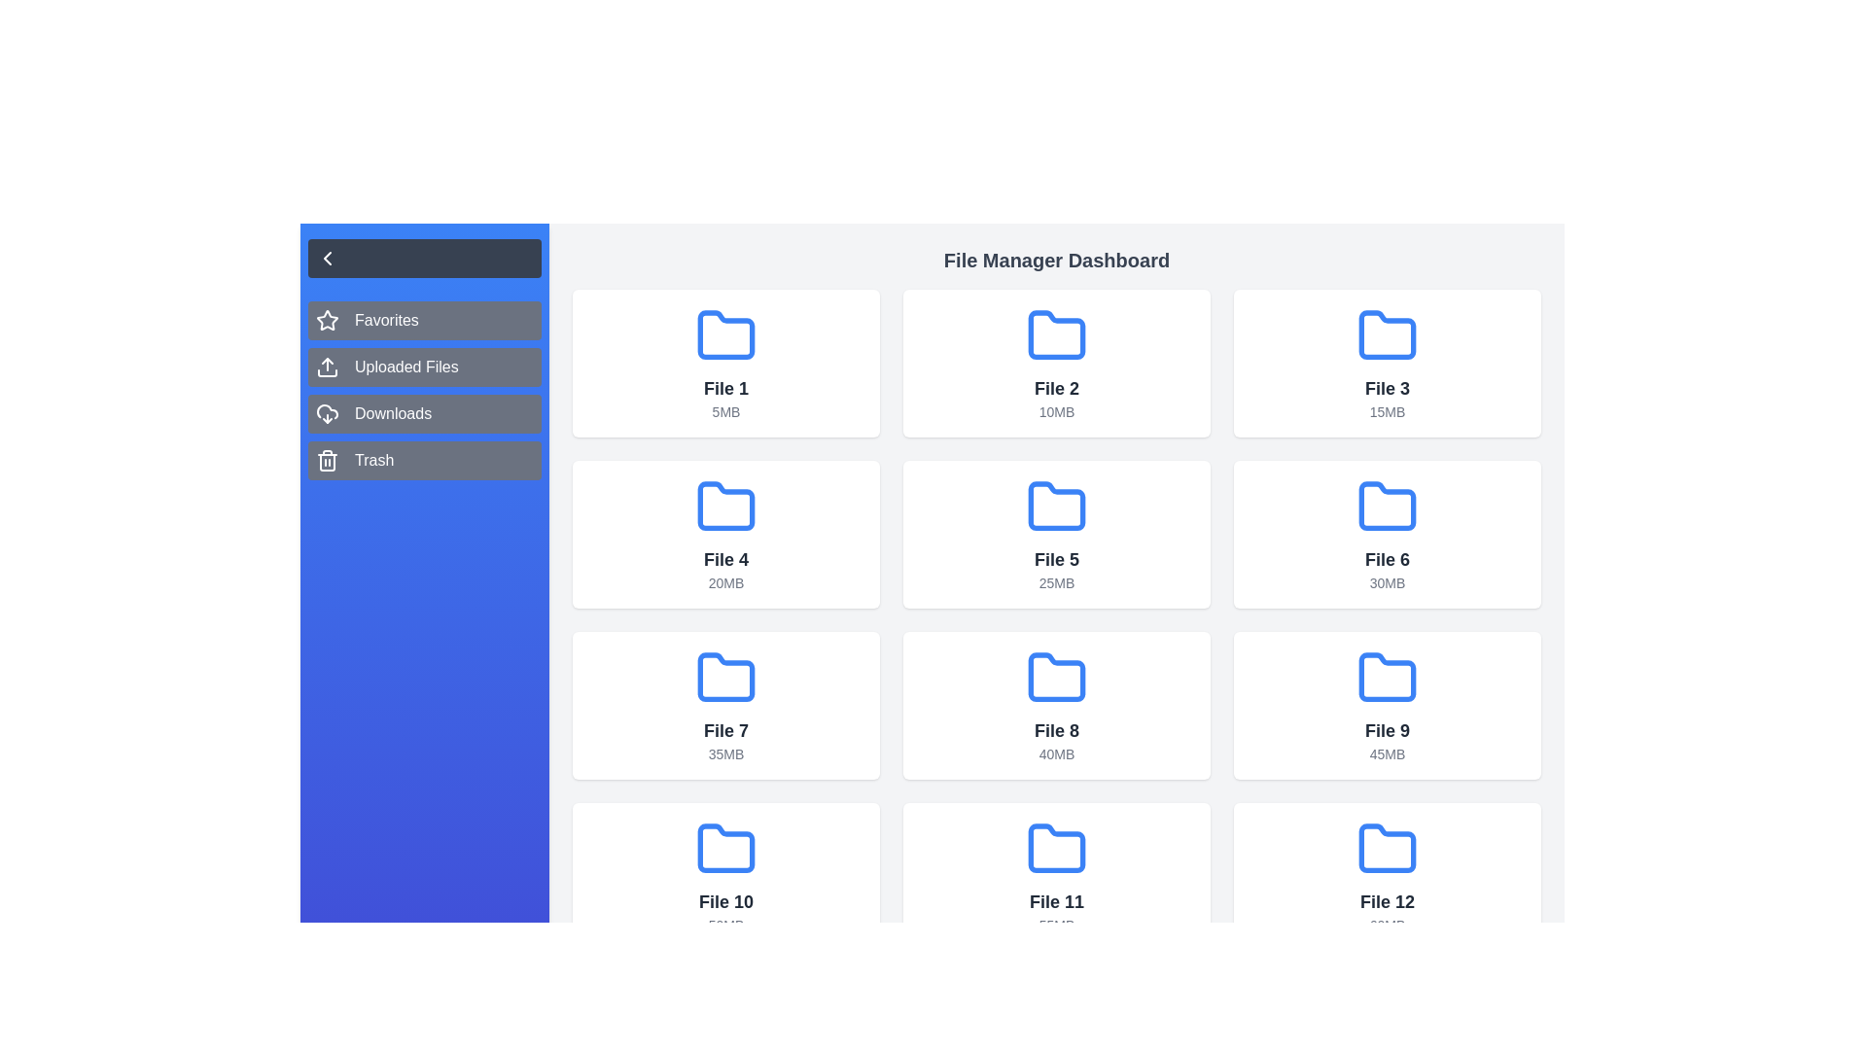 The width and height of the screenshot is (1867, 1050). I want to click on the category Uploaded Files from the sidebar menu, so click(423, 367).